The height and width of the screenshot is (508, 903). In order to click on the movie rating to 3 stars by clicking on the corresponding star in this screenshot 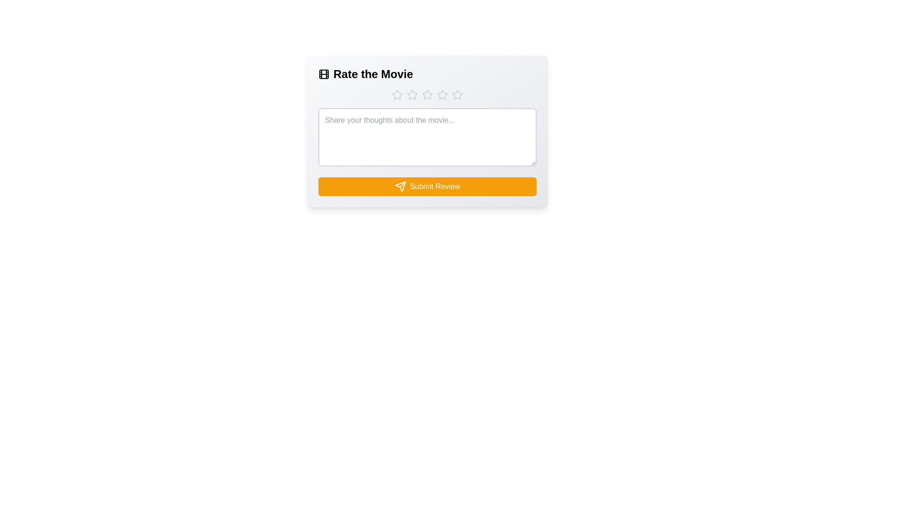, I will do `click(427, 95)`.